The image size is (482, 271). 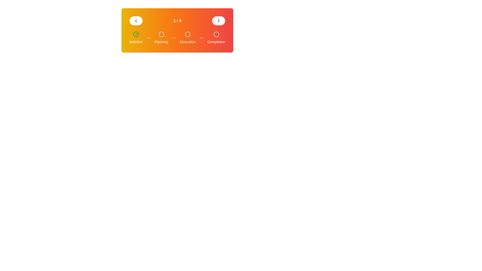 I want to click on text from the navigation item or progress step indicator labeled 'Execution', which is the third element in the sequence within the navigation bar, so click(x=188, y=37).